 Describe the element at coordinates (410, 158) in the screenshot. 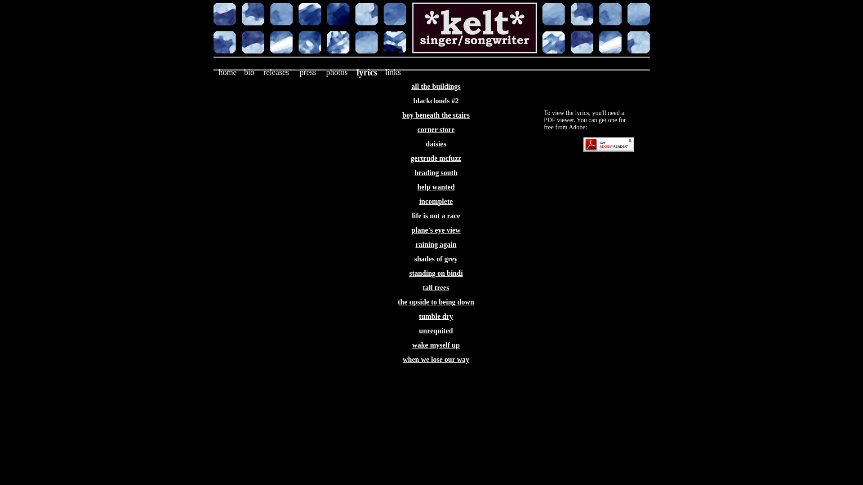

I see `'gertrude mcfuzz'` at that location.